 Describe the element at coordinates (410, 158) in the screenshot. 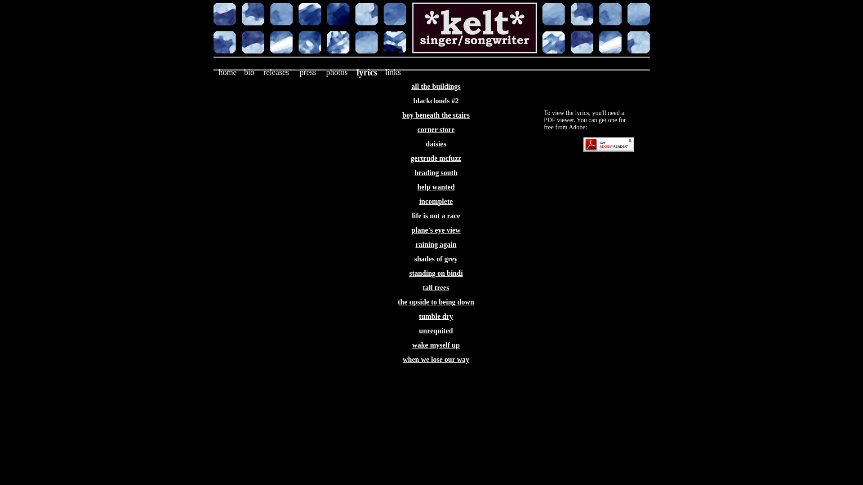

I see `'gertrude mcfuzz'` at that location.